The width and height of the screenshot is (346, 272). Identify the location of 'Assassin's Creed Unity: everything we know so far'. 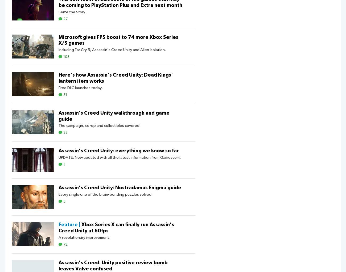
(58, 151).